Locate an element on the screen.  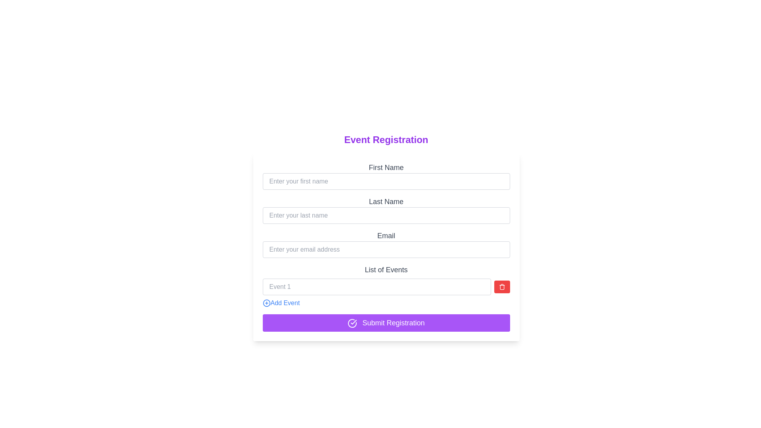
the button located below the 'Event 1' text input field is located at coordinates (281, 303).